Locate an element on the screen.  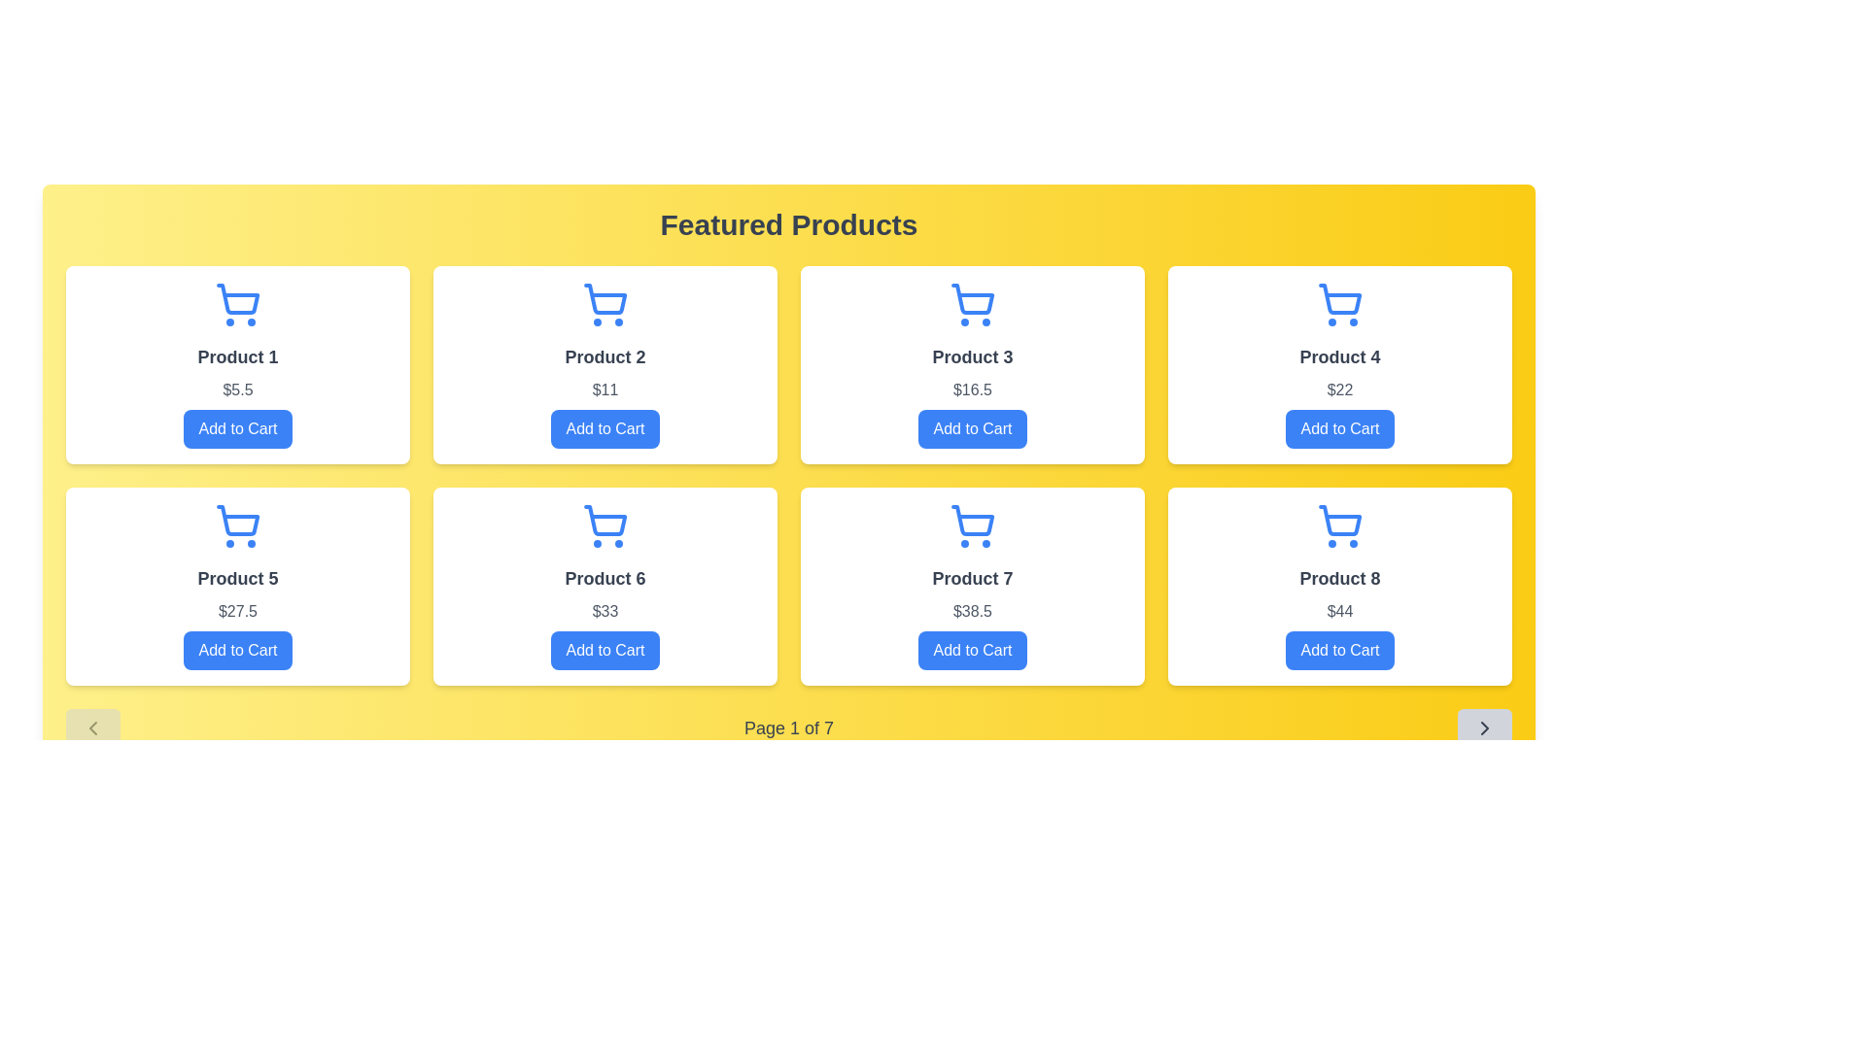
the text label displaying '$33' in gray color, positioned below the 'Product 6' name and above the 'Add to Cart' button is located at coordinates (605, 610).